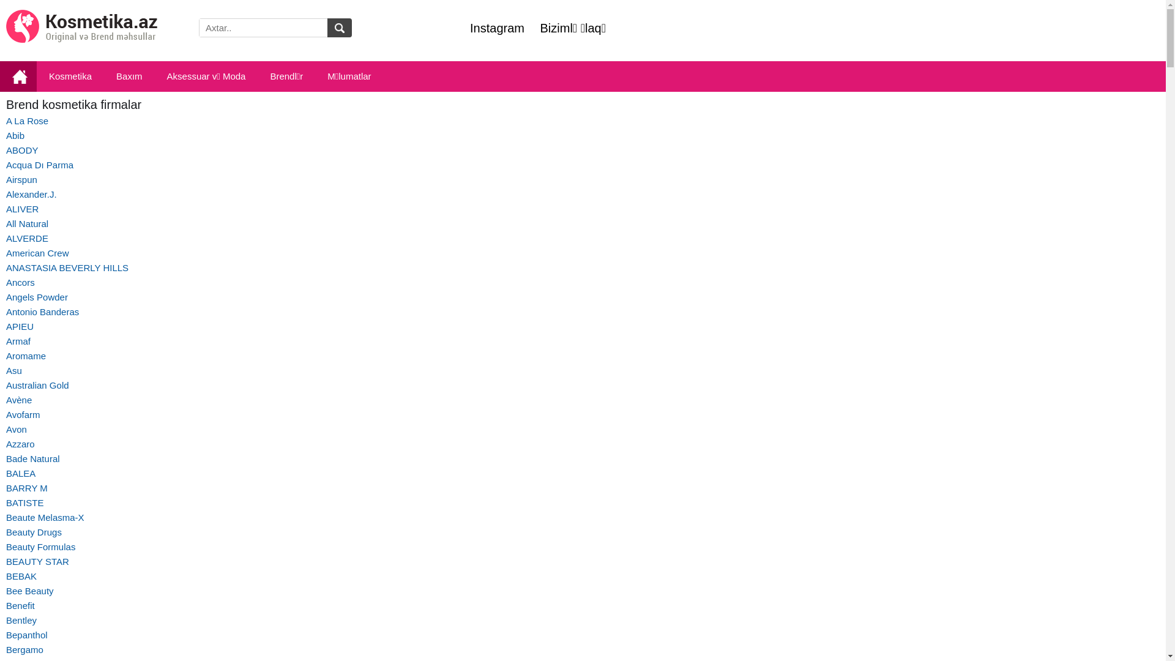  What do you see at coordinates (29, 590) in the screenshot?
I see `'Bee Beauty'` at bounding box center [29, 590].